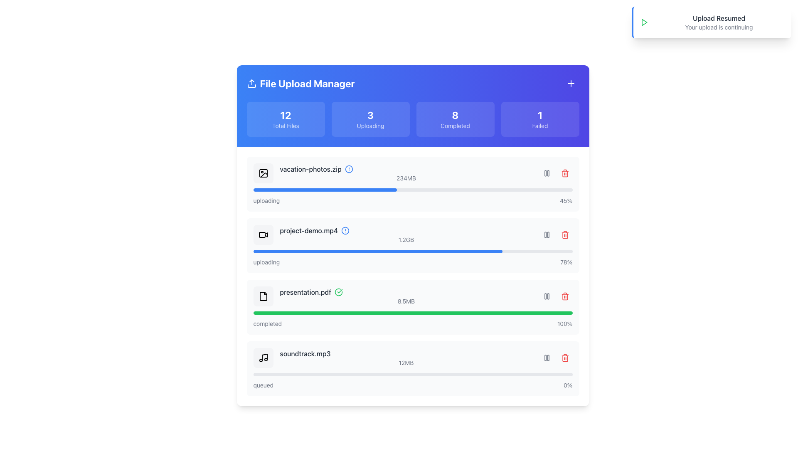 This screenshot has width=798, height=449. I want to click on the circular alert icon with a blue border located to the right of the text 'project-demo.mp4' in the second row of the file status list, so click(345, 231).